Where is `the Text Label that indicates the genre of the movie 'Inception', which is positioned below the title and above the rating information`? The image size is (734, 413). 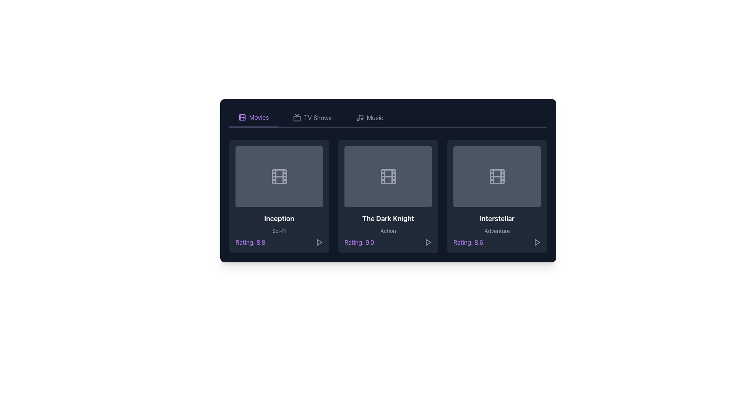
the Text Label that indicates the genre of the movie 'Inception', which is positioned below the title and above the rating information is located at coordinates (279, 231).